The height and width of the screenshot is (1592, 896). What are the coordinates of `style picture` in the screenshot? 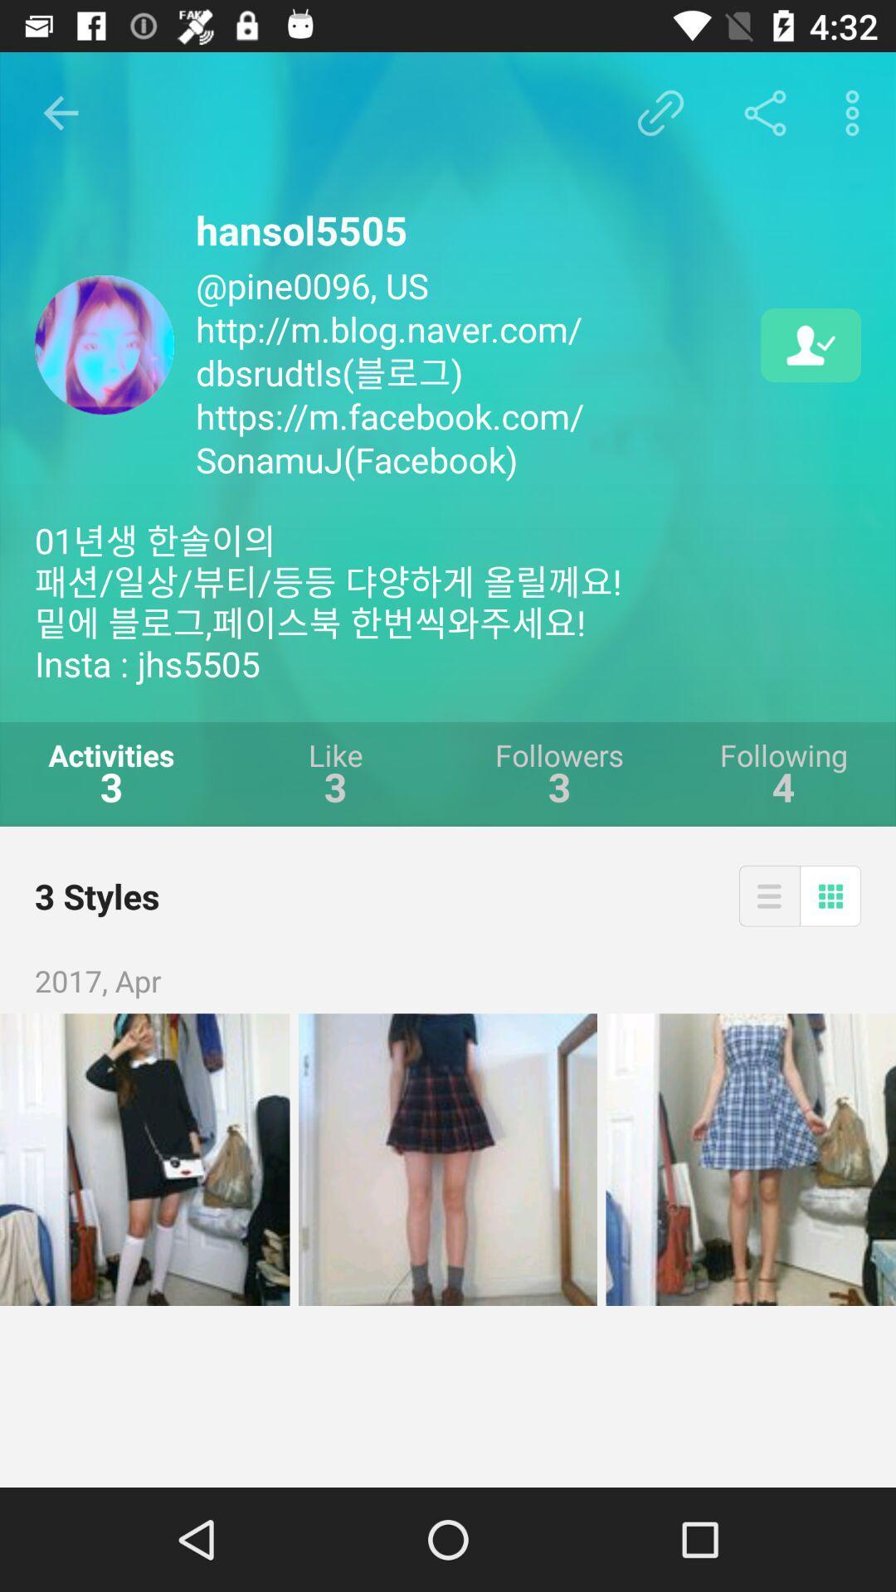 It's located at (144, 1158).